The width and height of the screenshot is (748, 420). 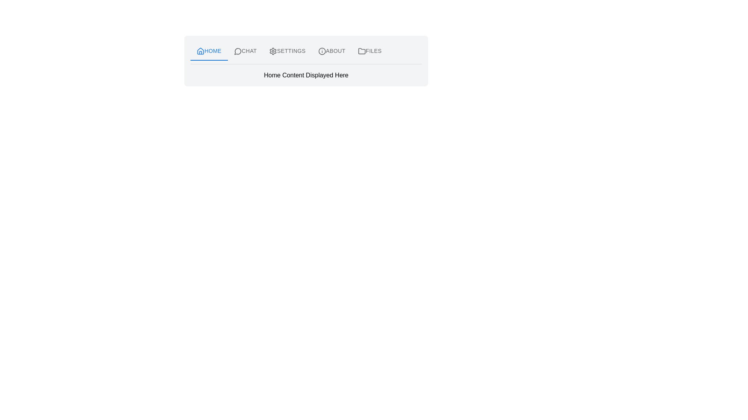 What do you see at coordinates (332, 51) in the screenshot?
I see `the fourth tab item in the navigation bar, which contains an icon and text` at bounding box center [332, 51].